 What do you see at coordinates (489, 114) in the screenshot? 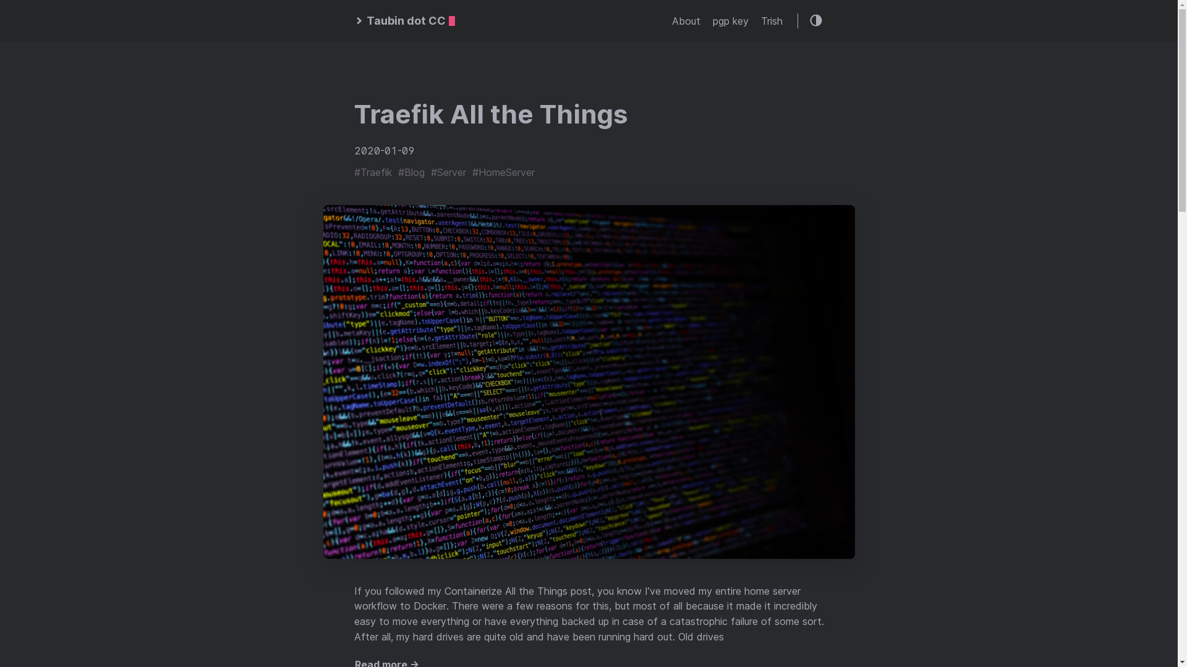
I see `'Traefik All the Things'` at bounding box center [489, 114].